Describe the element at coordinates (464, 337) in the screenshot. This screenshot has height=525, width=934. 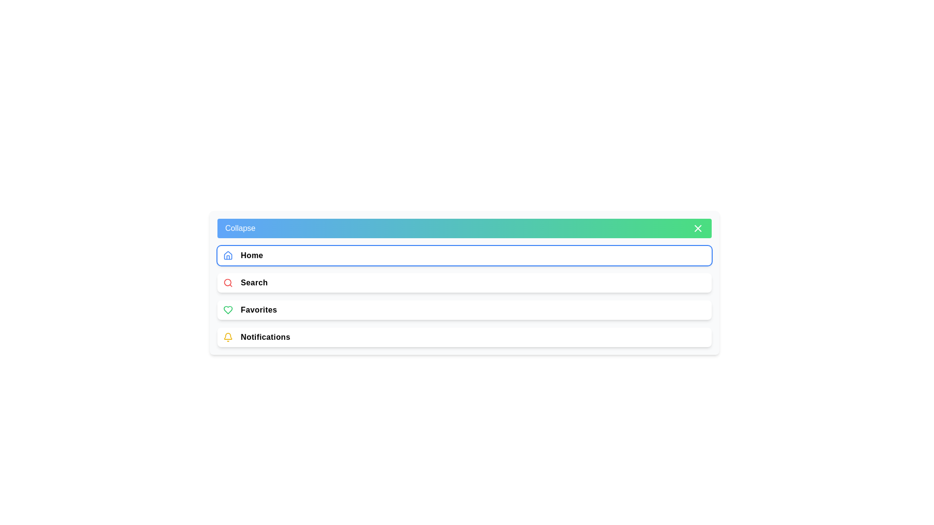
I see `the menu item labeled Notifications` at that location.